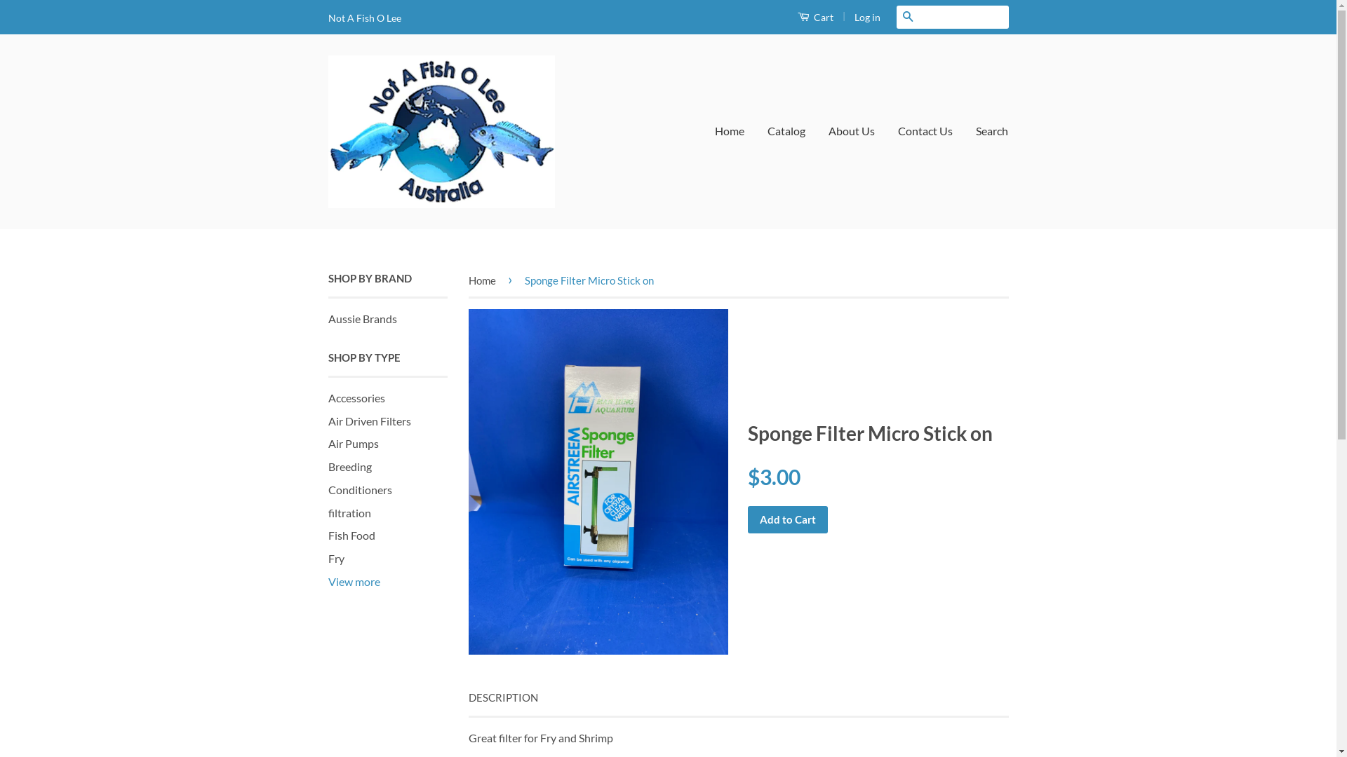 This screenshot has width=1347, height=757. What do you see at coordinates (351, 535) in the screenshot?
I see `'Fish Food'` at bounding box center [351, 535].